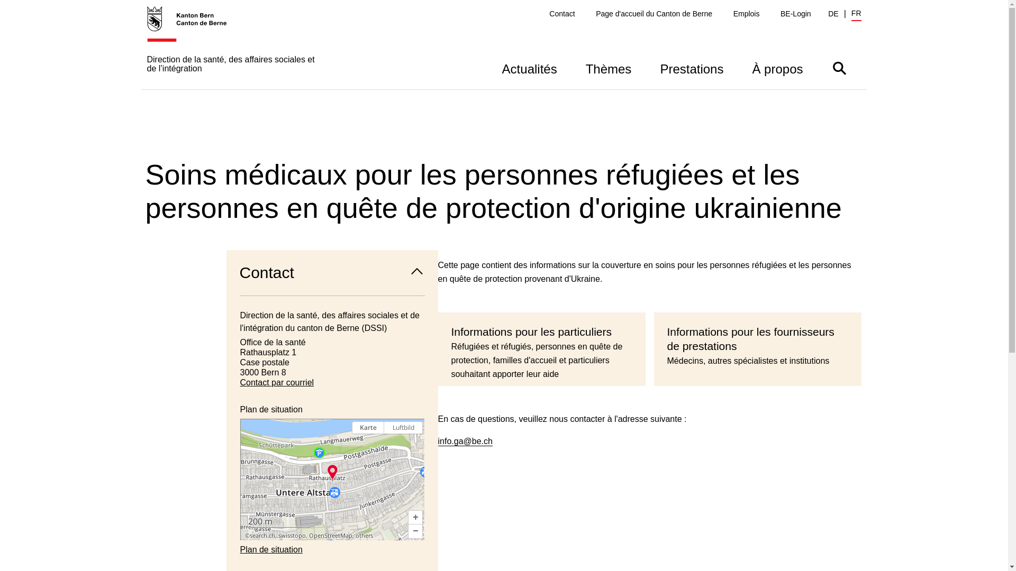 The height and width of the screenshot is (571, 1016). I want to click on 'FR', so click(856, 14).